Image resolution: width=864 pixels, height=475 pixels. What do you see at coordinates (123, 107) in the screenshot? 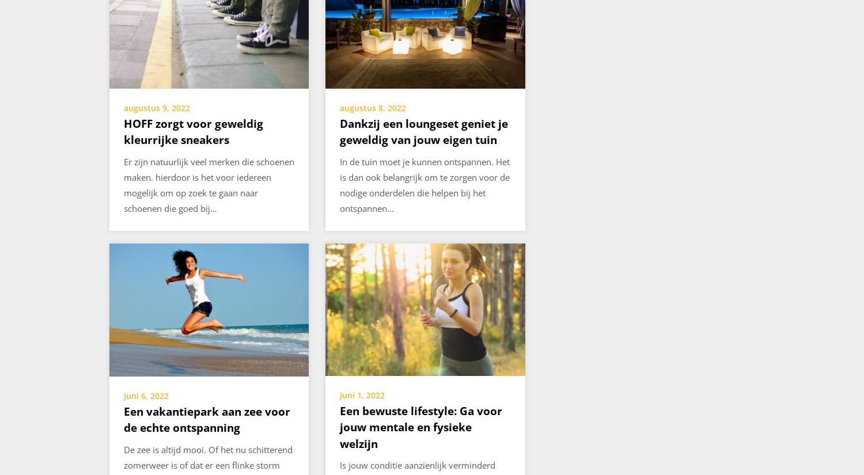
I see `'augustus 9, 2022'` at bounding box center [123, 107].